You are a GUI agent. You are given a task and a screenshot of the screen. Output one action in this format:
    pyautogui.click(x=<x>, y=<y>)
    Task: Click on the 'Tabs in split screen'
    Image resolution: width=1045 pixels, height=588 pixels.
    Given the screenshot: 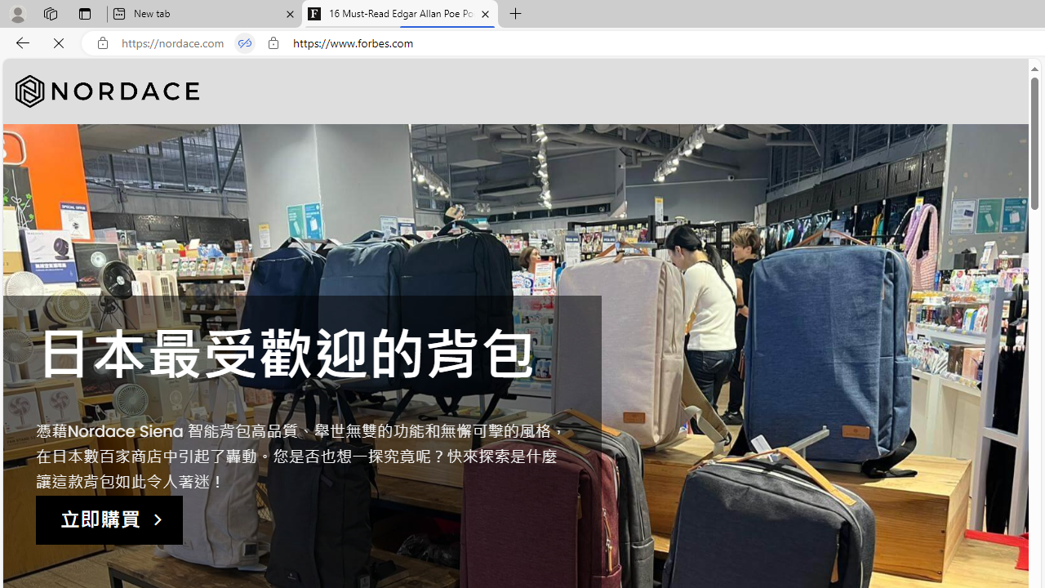 What is the action you would take?
    pyautogui.click(x=244, y=42)
    